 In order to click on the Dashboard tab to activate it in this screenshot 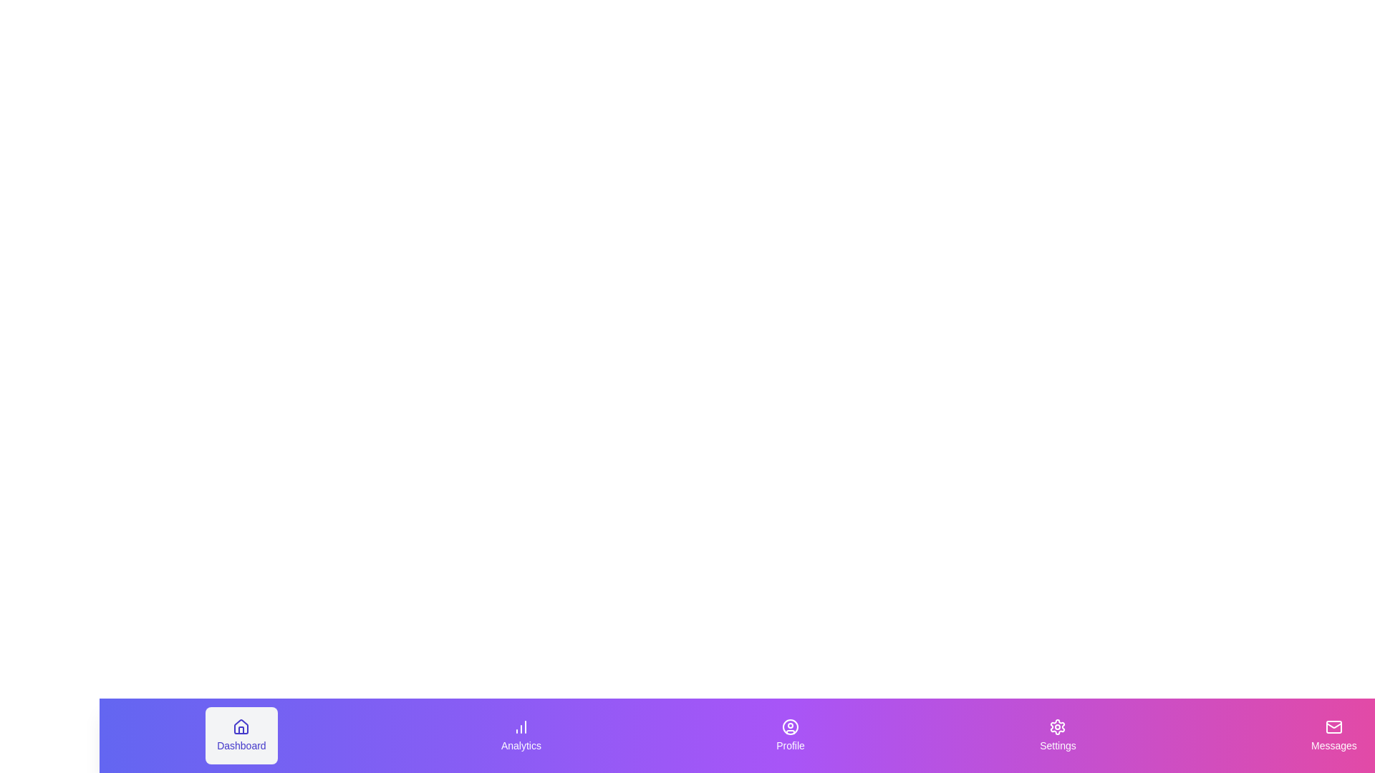, I will do `click(241, 736)`.